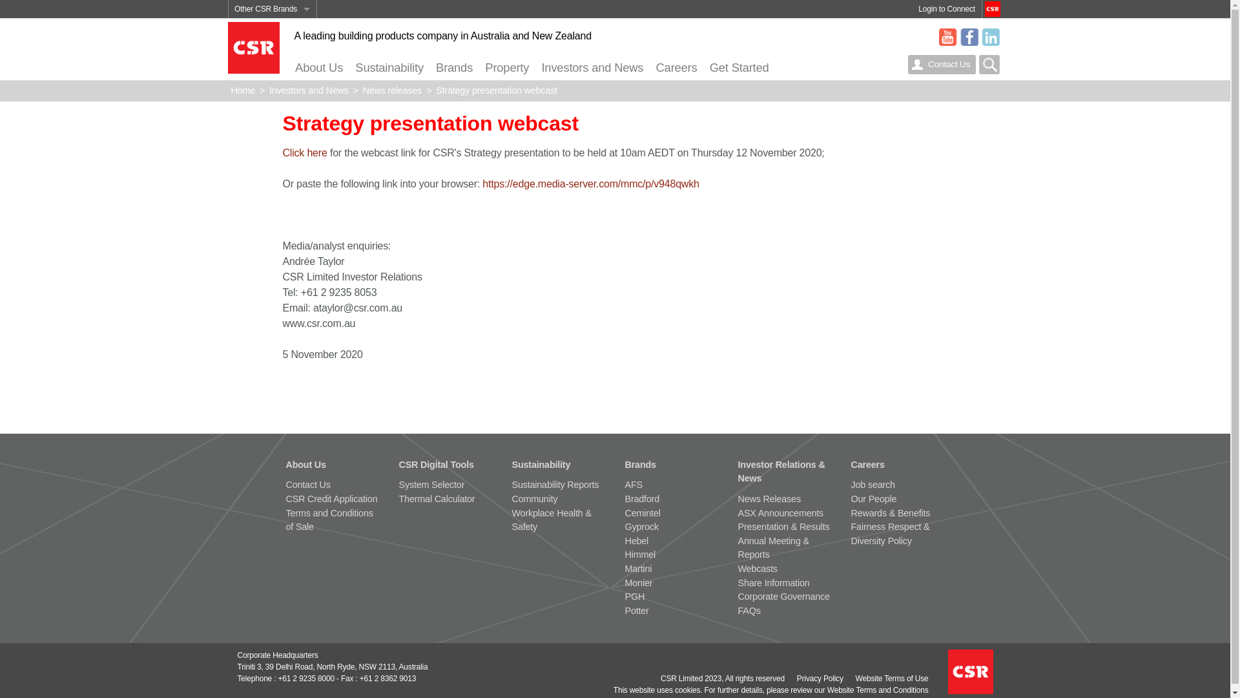 The image size is (1240, 698). What do you see at coordinates (592, 67) in the screenshot?
I see `'Investors and News'` at bounding box center [592, 67].